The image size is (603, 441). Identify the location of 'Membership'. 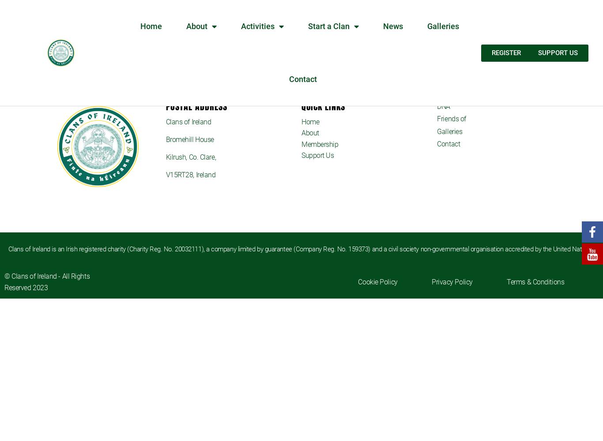
(301, 143).